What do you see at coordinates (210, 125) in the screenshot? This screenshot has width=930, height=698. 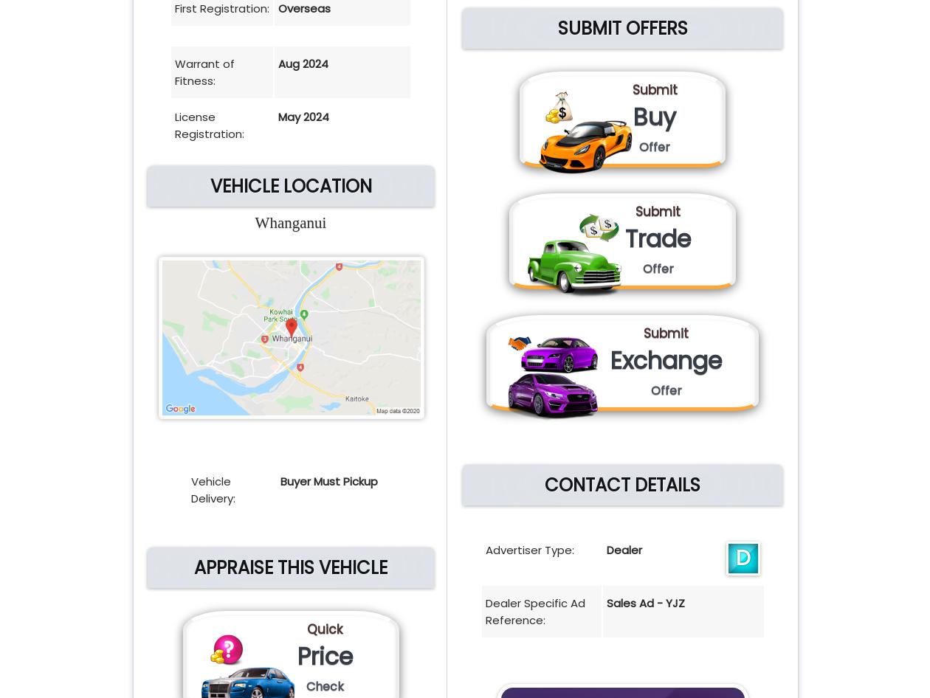 I see `'License Registration:'` at bounding box center [210, 125].